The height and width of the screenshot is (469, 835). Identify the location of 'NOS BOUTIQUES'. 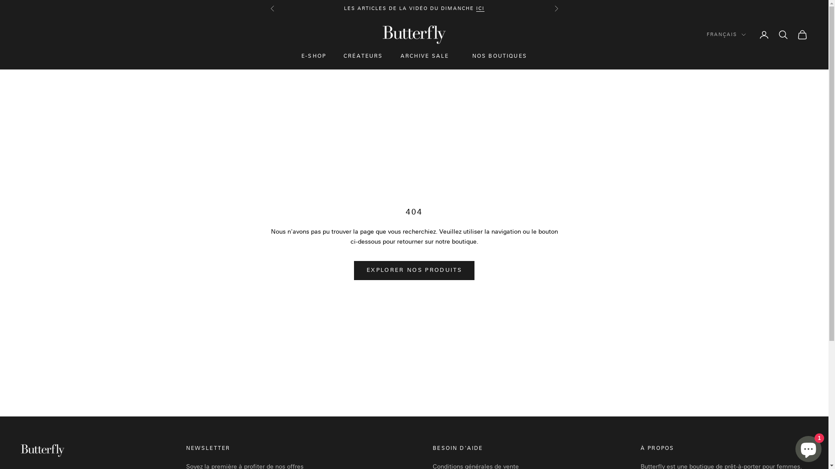
(499, 56).